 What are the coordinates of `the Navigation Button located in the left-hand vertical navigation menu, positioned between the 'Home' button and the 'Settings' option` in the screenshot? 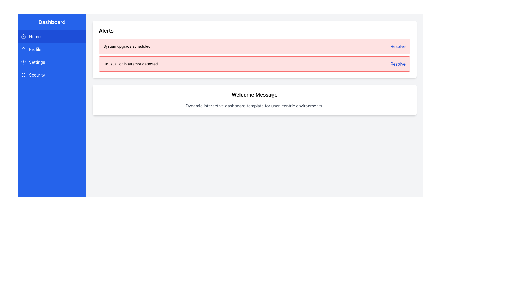 It's located at (52, 49).